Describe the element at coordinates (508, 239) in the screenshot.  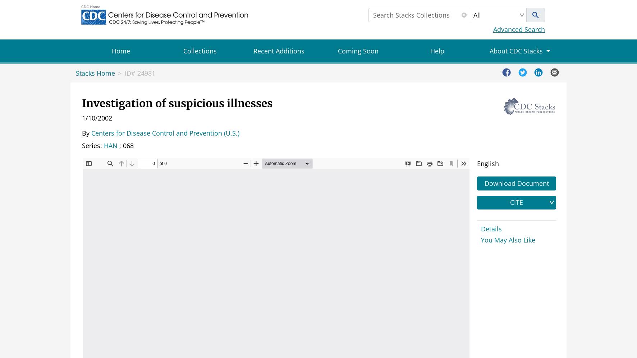
I see `'You May Also Like'` at that location.